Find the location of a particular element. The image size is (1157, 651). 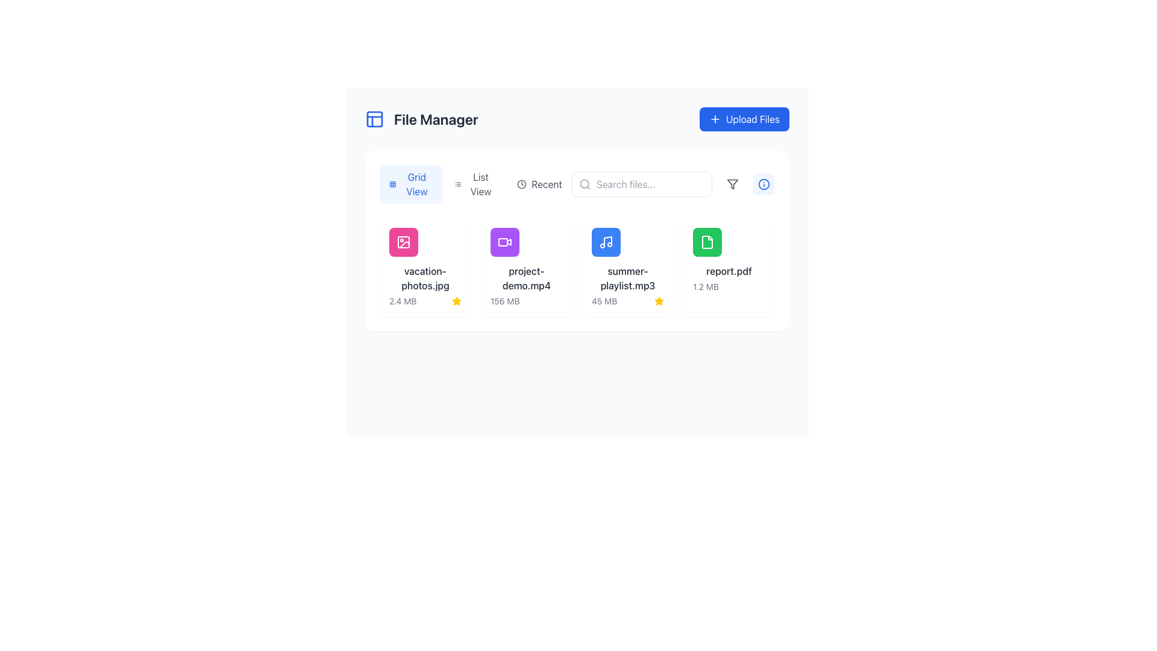

the circular clock icon located near the top center-right of the interface, within the 'File Manager' header area, which is styled in a neutral tone and represents recent items is located at coordinates (522, 184).